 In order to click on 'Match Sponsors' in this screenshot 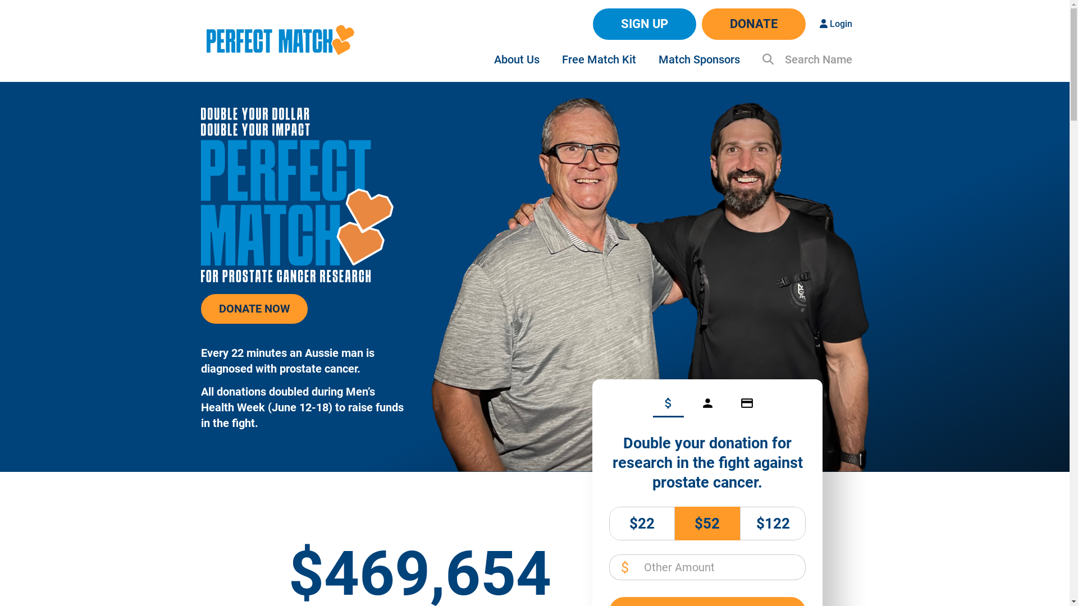, I will do `click(698, 59)`.